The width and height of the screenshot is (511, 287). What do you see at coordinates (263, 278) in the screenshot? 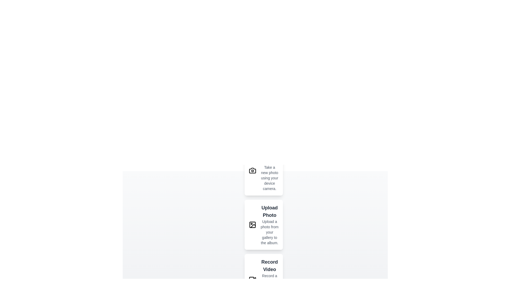
I see `the action described by Record Video` at bounding box center [263, 278].